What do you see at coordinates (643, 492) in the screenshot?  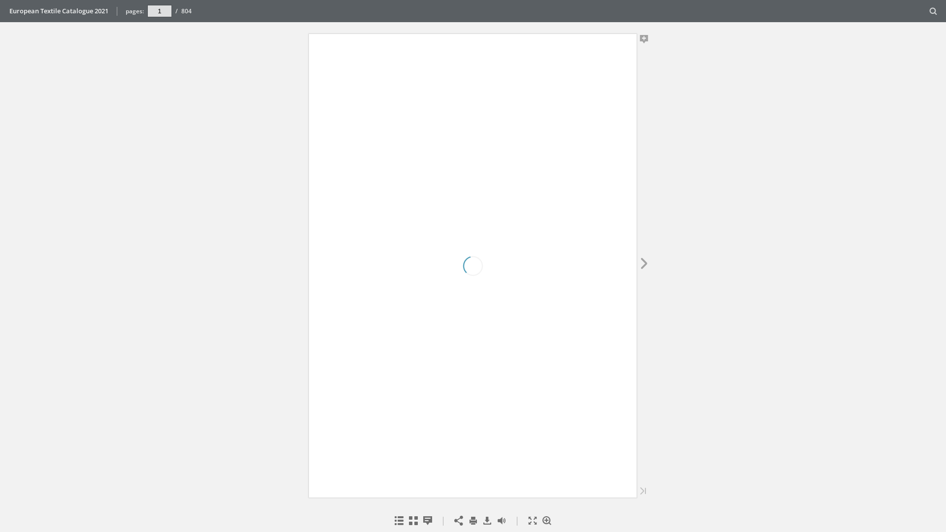 I see `'Last Page'` at bounding box center [643, 492].